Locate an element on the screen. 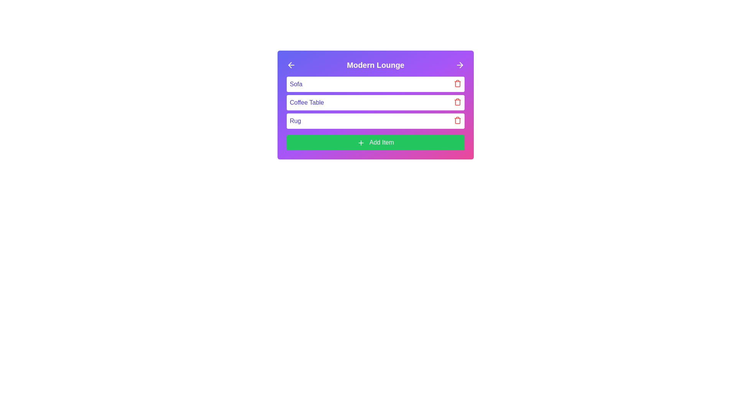 The width and height of the screenshot is (736, 414). the left-pointing arrow icon in the card labeled 'Modern Lounge', which is styled with no fill color and a visible stroke is located at coordinates (289, 64).